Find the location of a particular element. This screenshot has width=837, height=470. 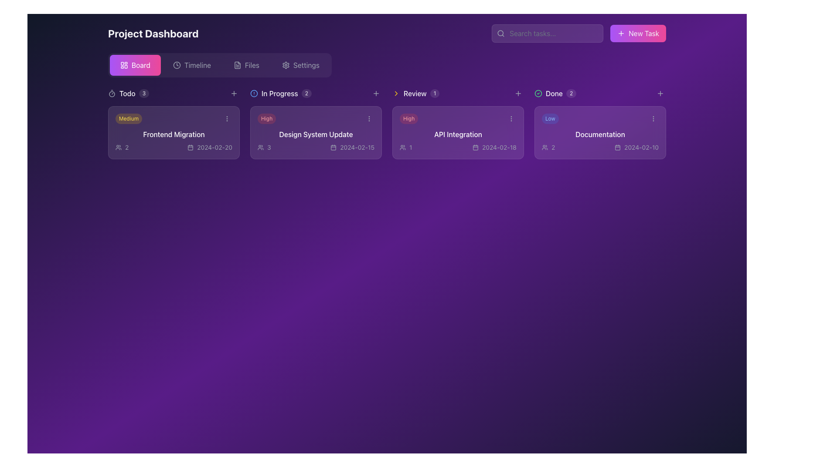

the Text label that serves as the title for a task or project entry, located within the 'High' card in the 'In Progress' column of the project management dashboard is located at coordinates (315, 134).